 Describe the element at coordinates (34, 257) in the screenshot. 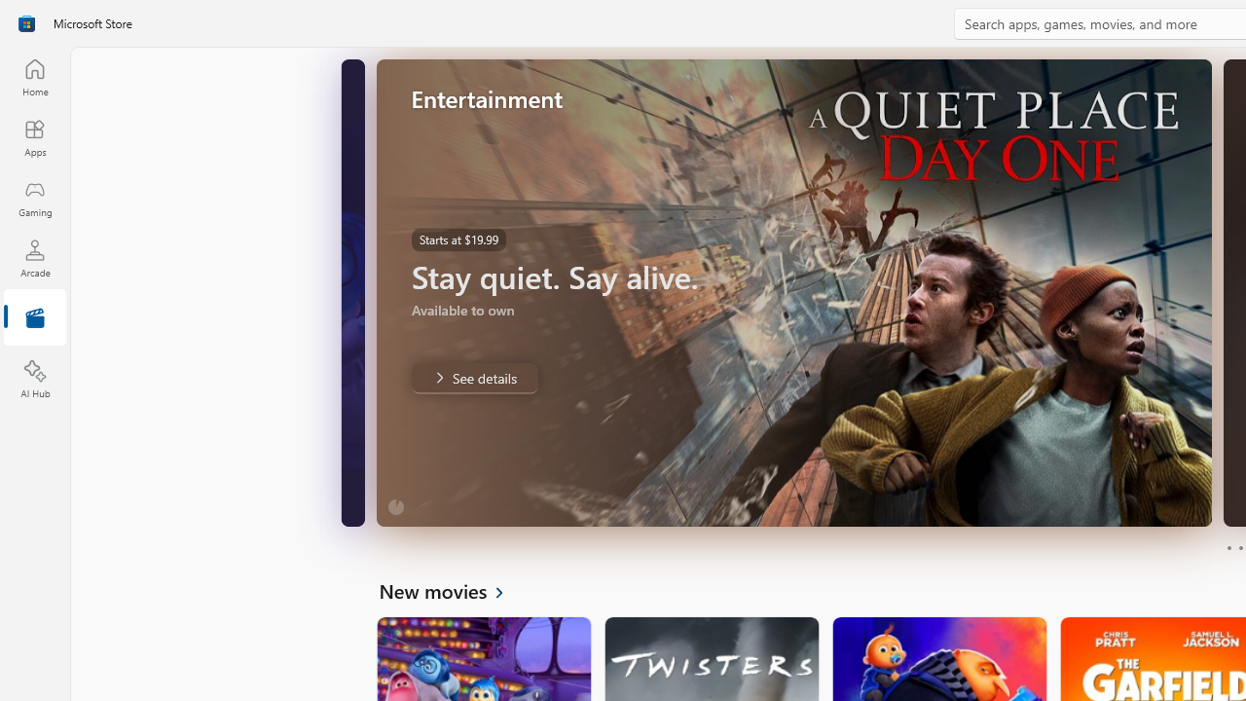

I see `'Arcade'` at that location.